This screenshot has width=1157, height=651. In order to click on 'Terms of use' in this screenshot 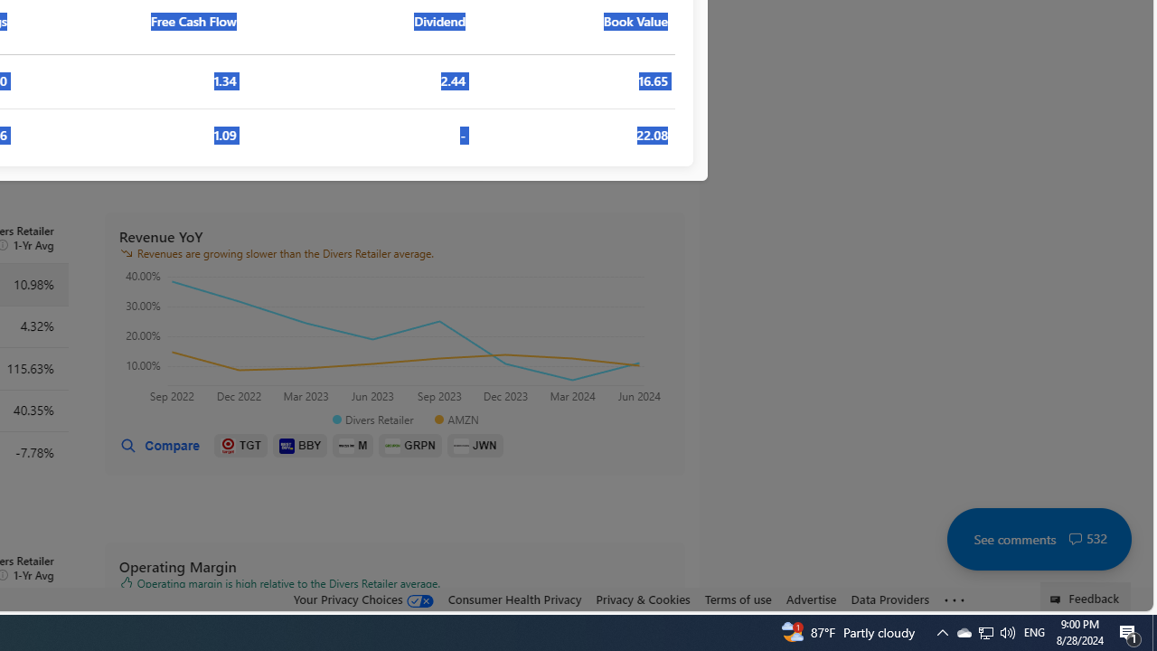, I will do `click(738, 599)`.